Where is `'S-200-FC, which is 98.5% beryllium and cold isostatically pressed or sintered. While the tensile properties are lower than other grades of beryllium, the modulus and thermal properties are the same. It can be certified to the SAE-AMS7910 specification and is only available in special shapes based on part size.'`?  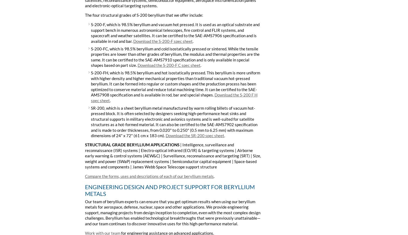
'S-200-FC, which is 98.5% beryllium and cold isostatically pressed or sintered. While the tensile properties are lower than other grades of beryllium, the modulus and thermal properties are the same. It can be certified to the SAE-AMS7910 specification and is only available in special shapes based on part size.' is located at coordinates (175, 57).